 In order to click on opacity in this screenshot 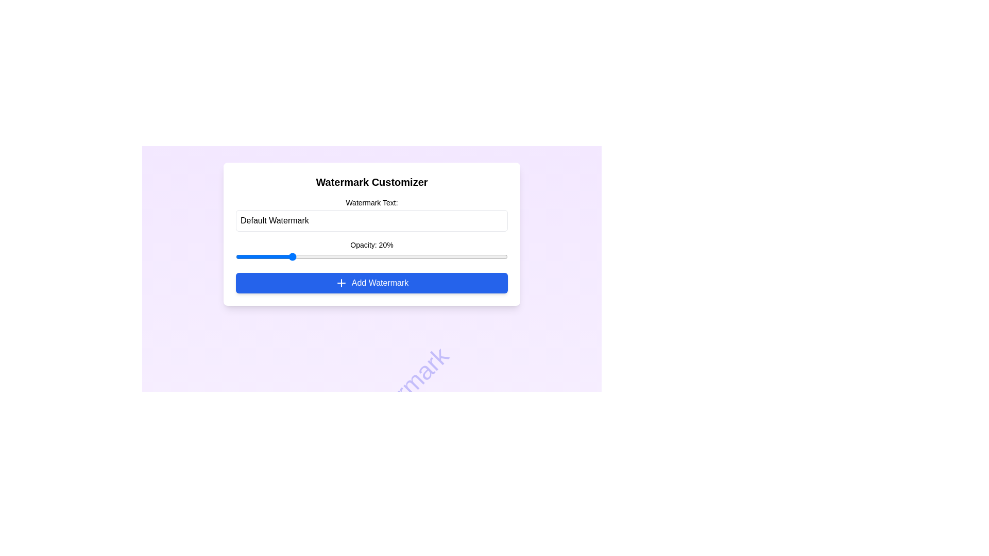, I will do `click(235, 256)`.